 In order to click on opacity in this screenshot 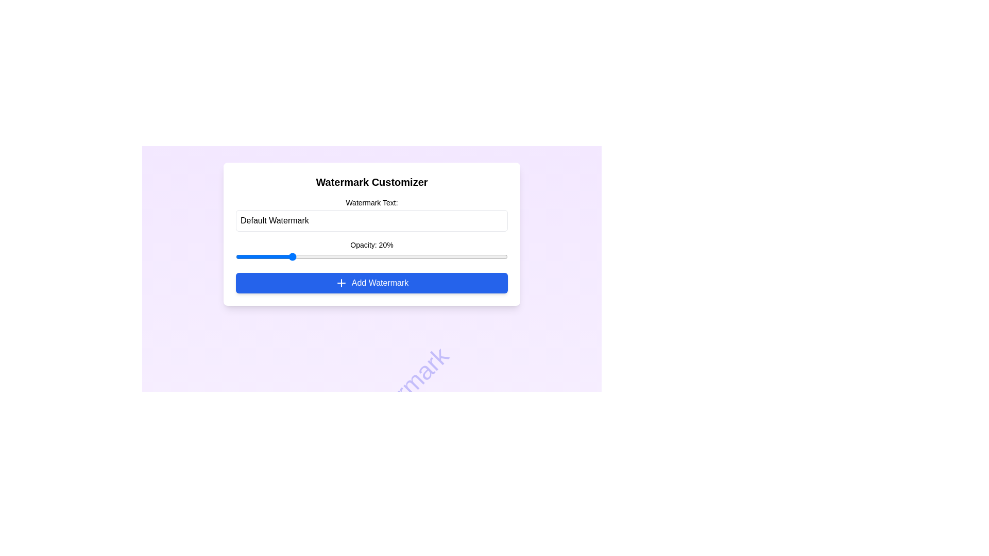, I will do `click(235, 256)`.